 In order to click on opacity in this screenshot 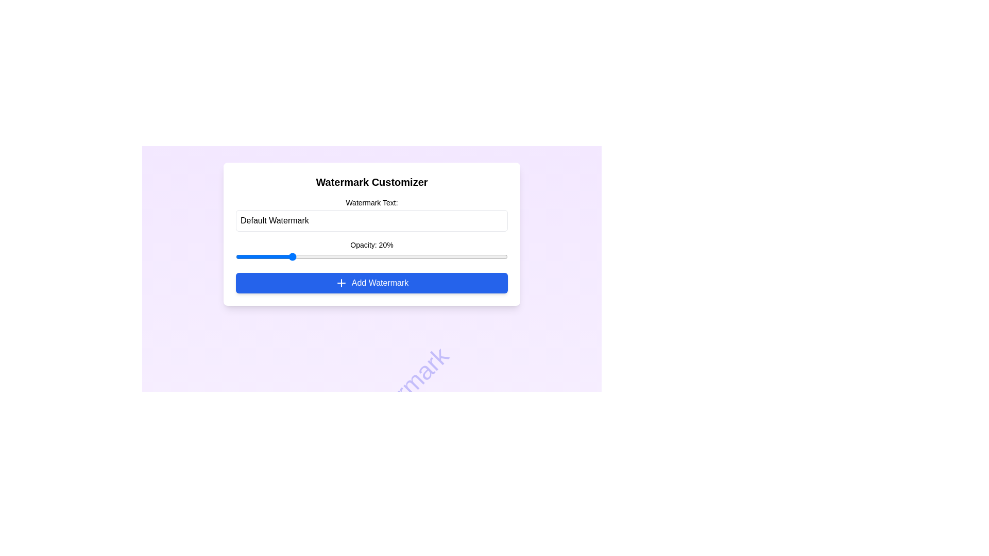, I will do `click(235, 256)`.